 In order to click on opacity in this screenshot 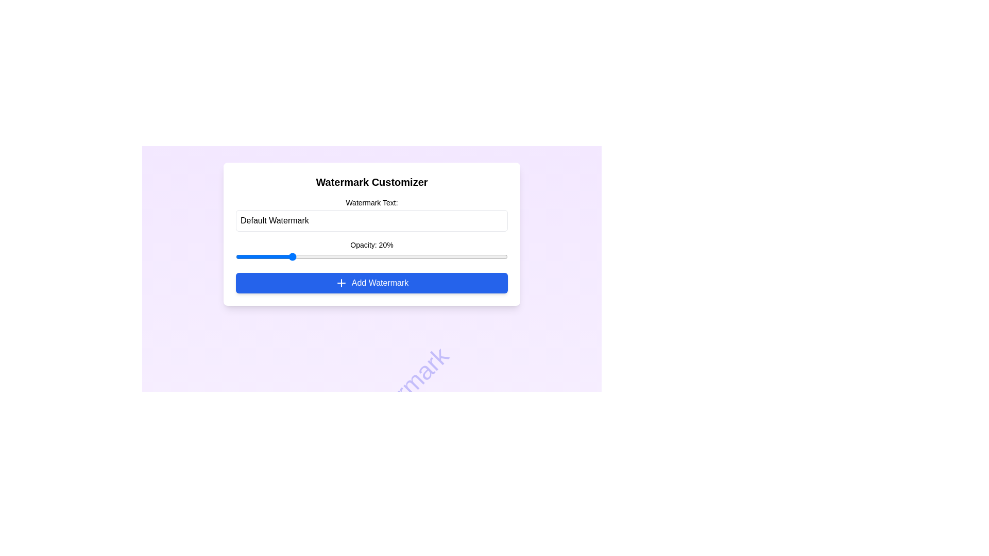, I will do `click(235, 256)`.